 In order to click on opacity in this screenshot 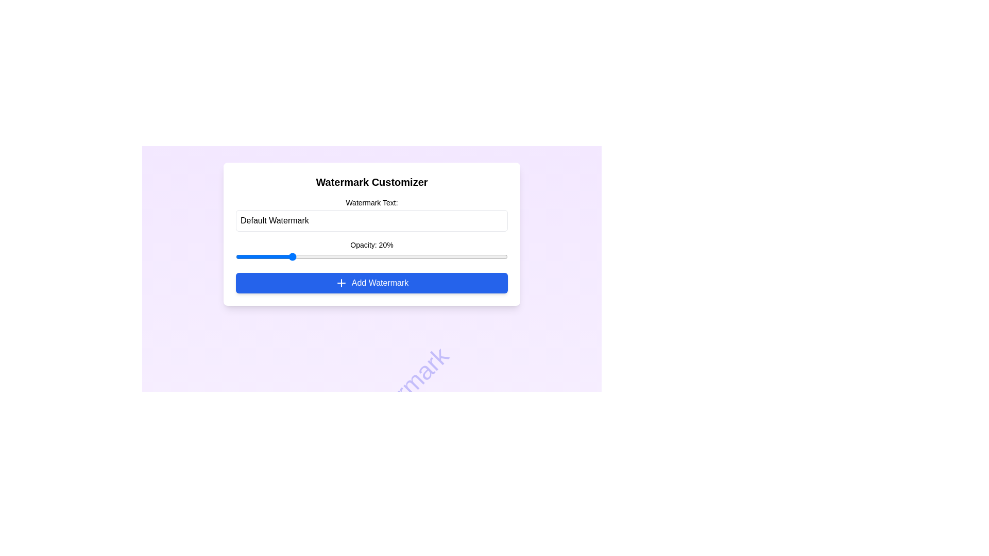, I will do `click(235, 256)`.